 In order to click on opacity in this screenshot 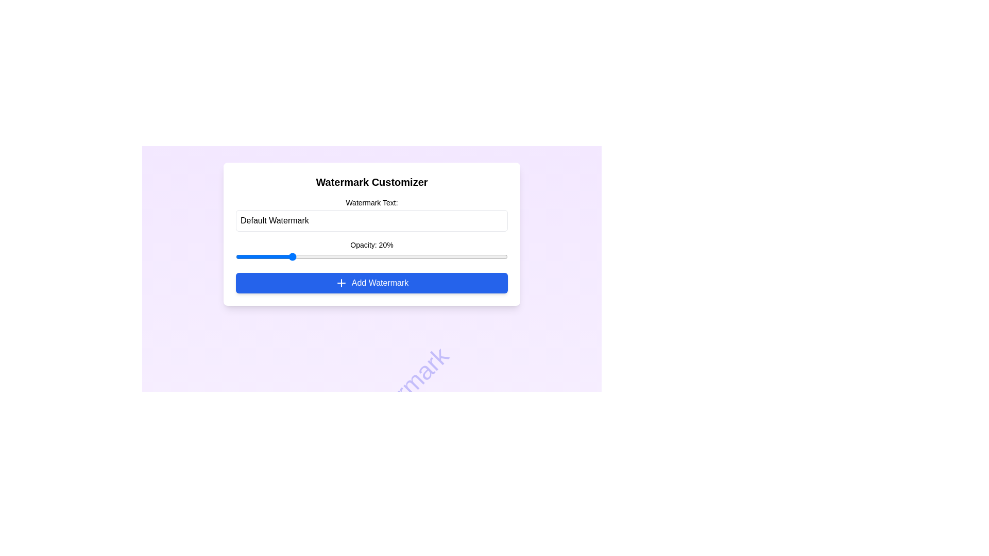, I will do `click(235, 256)`.